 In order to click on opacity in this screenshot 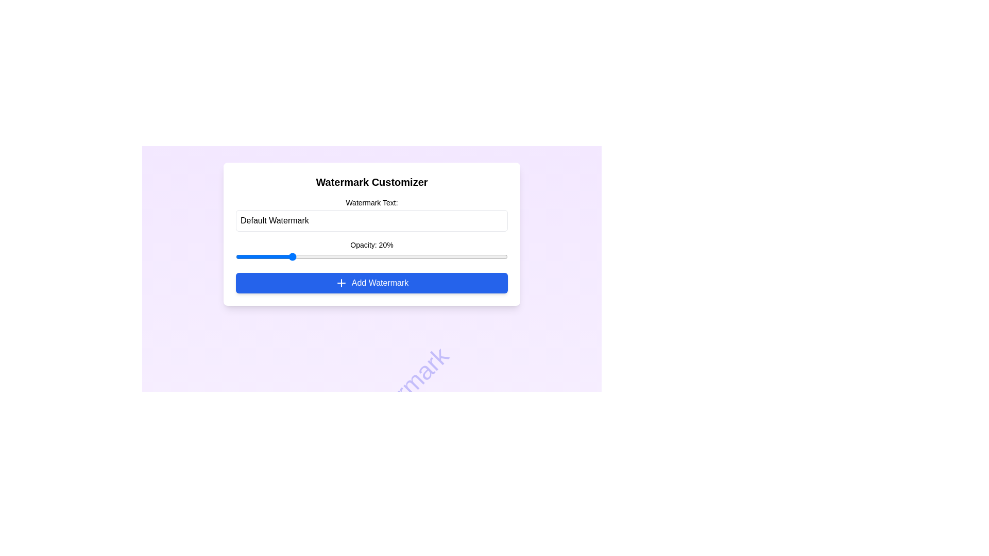, I will do `click(235, 256)`.